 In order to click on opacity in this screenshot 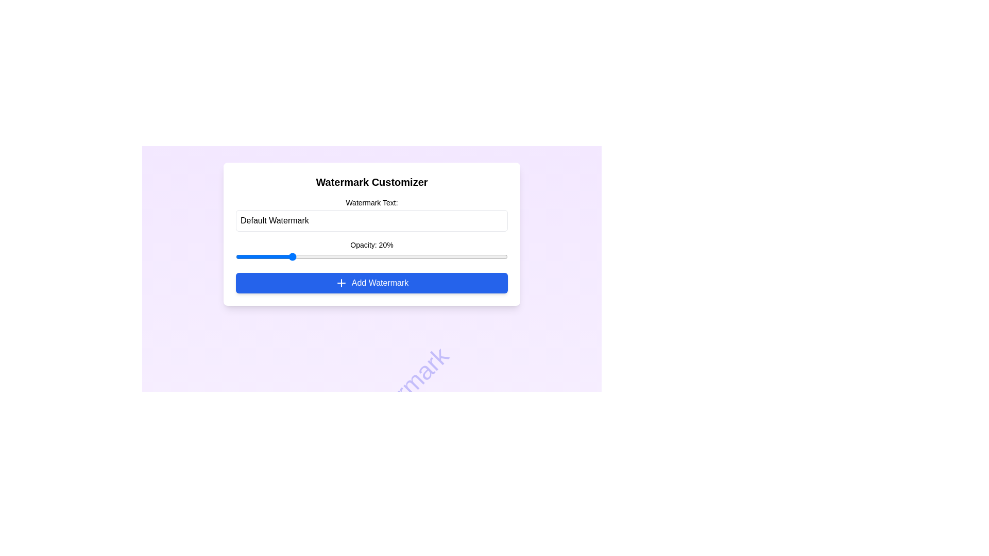, I will do `click(235, 256)`.